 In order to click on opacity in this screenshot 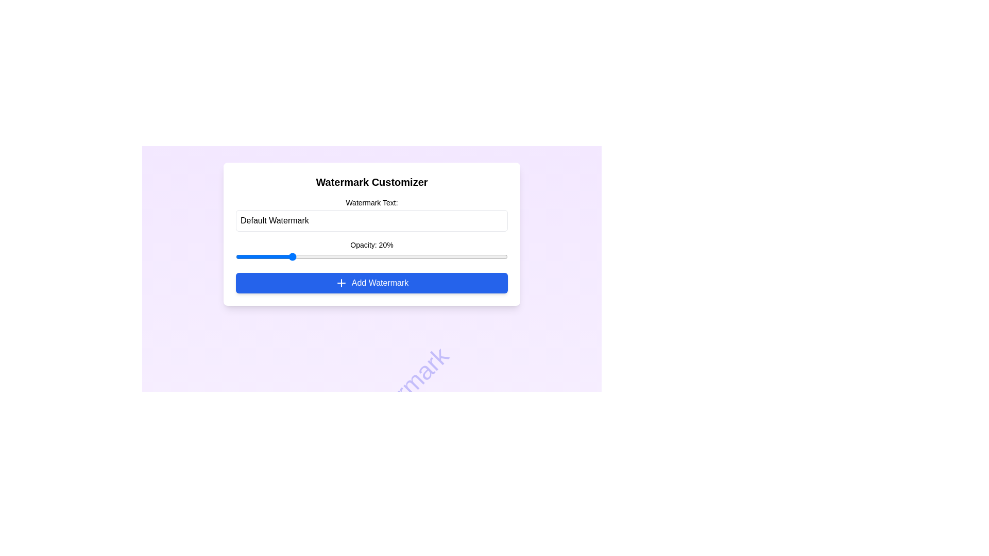, I will do `click(235, 256)`.